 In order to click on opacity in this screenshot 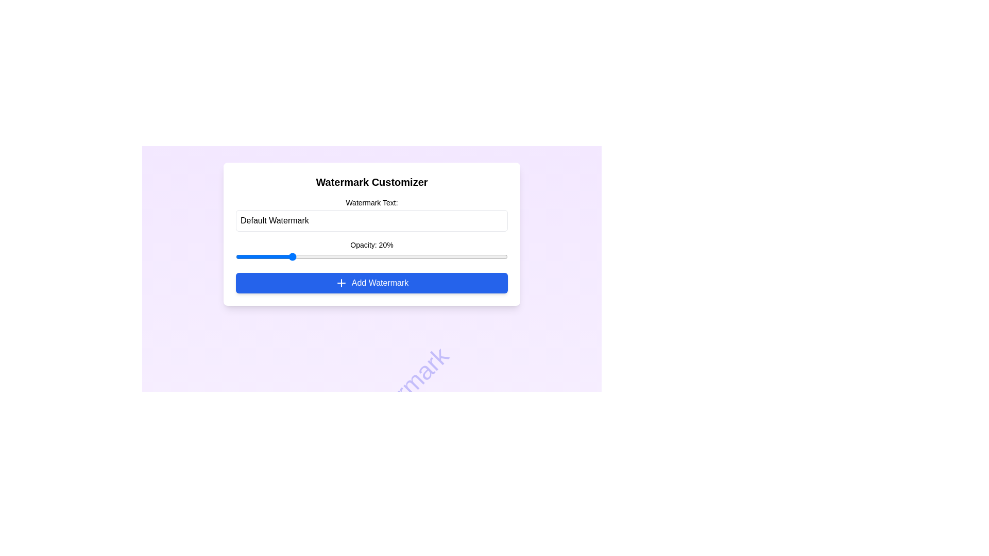, I will do `click(235, 256)`.